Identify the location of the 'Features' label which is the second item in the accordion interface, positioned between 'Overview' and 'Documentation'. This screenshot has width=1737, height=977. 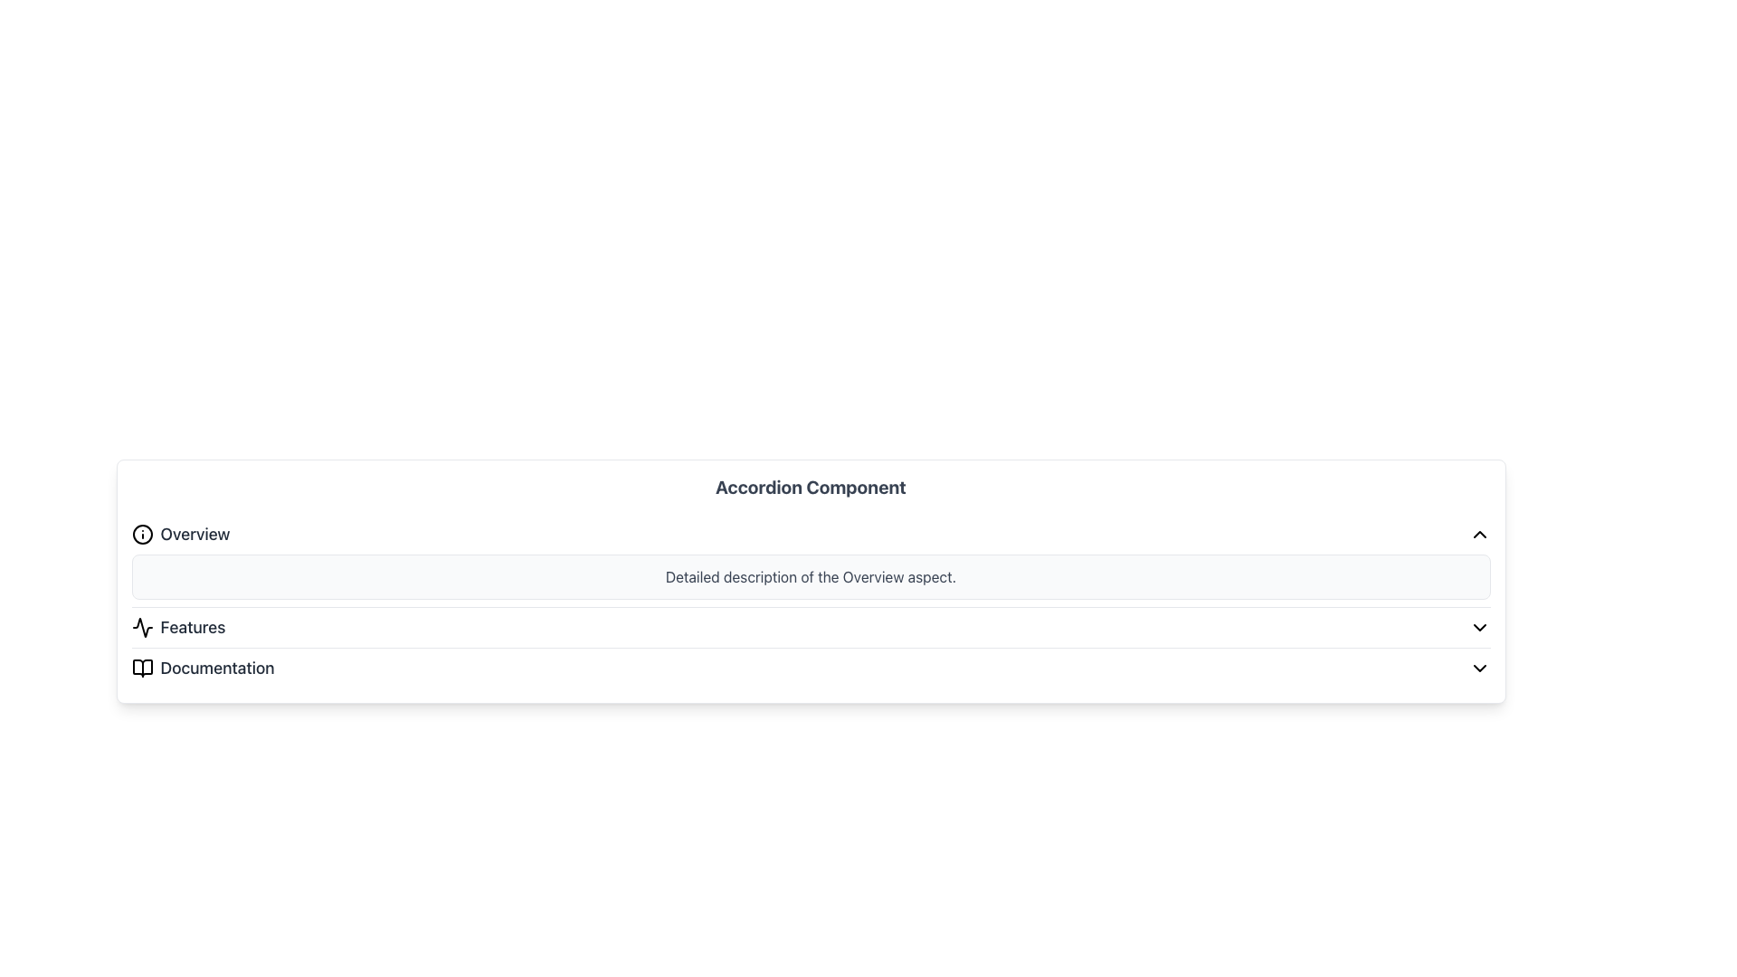
(178, 627).